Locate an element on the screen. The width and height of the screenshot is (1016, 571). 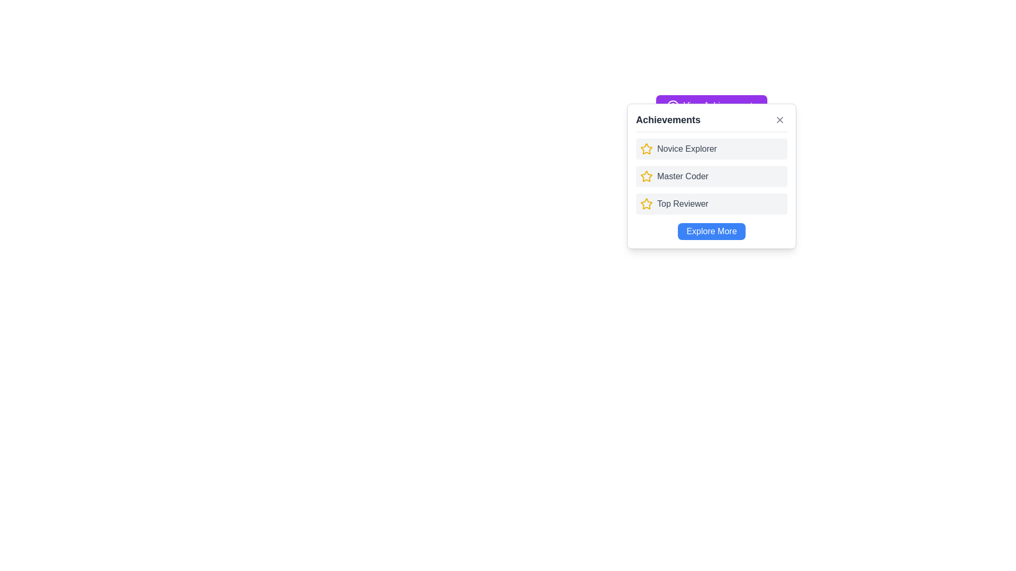
the Close button, which is a diagonal, cross-shaped icon located at the top-right corner of the achievements popup is located at coordinates (779, 119).